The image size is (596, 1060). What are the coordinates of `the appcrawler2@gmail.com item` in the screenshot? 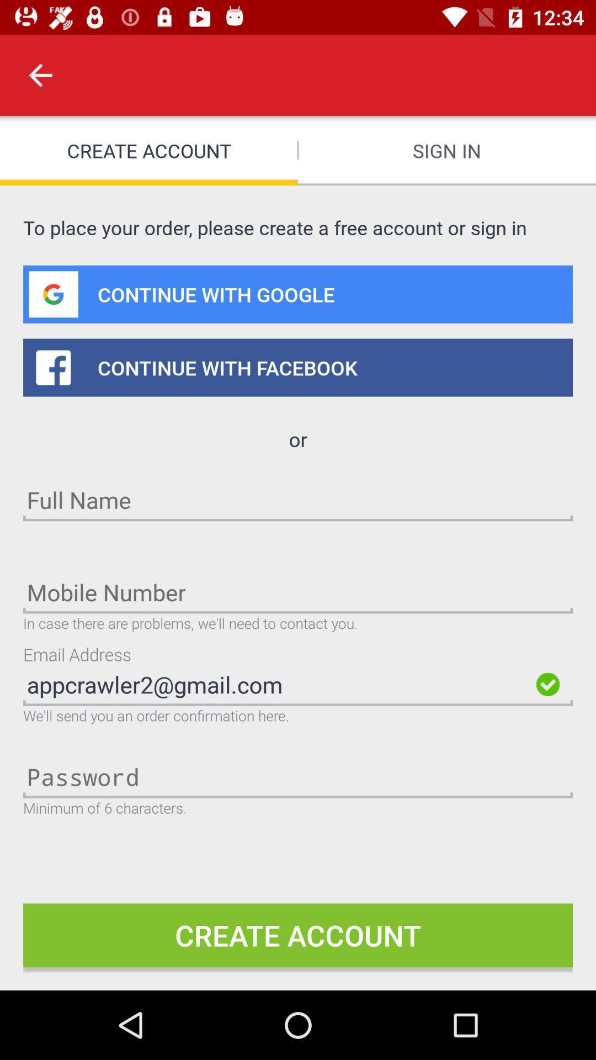 It's located at (276, 683).